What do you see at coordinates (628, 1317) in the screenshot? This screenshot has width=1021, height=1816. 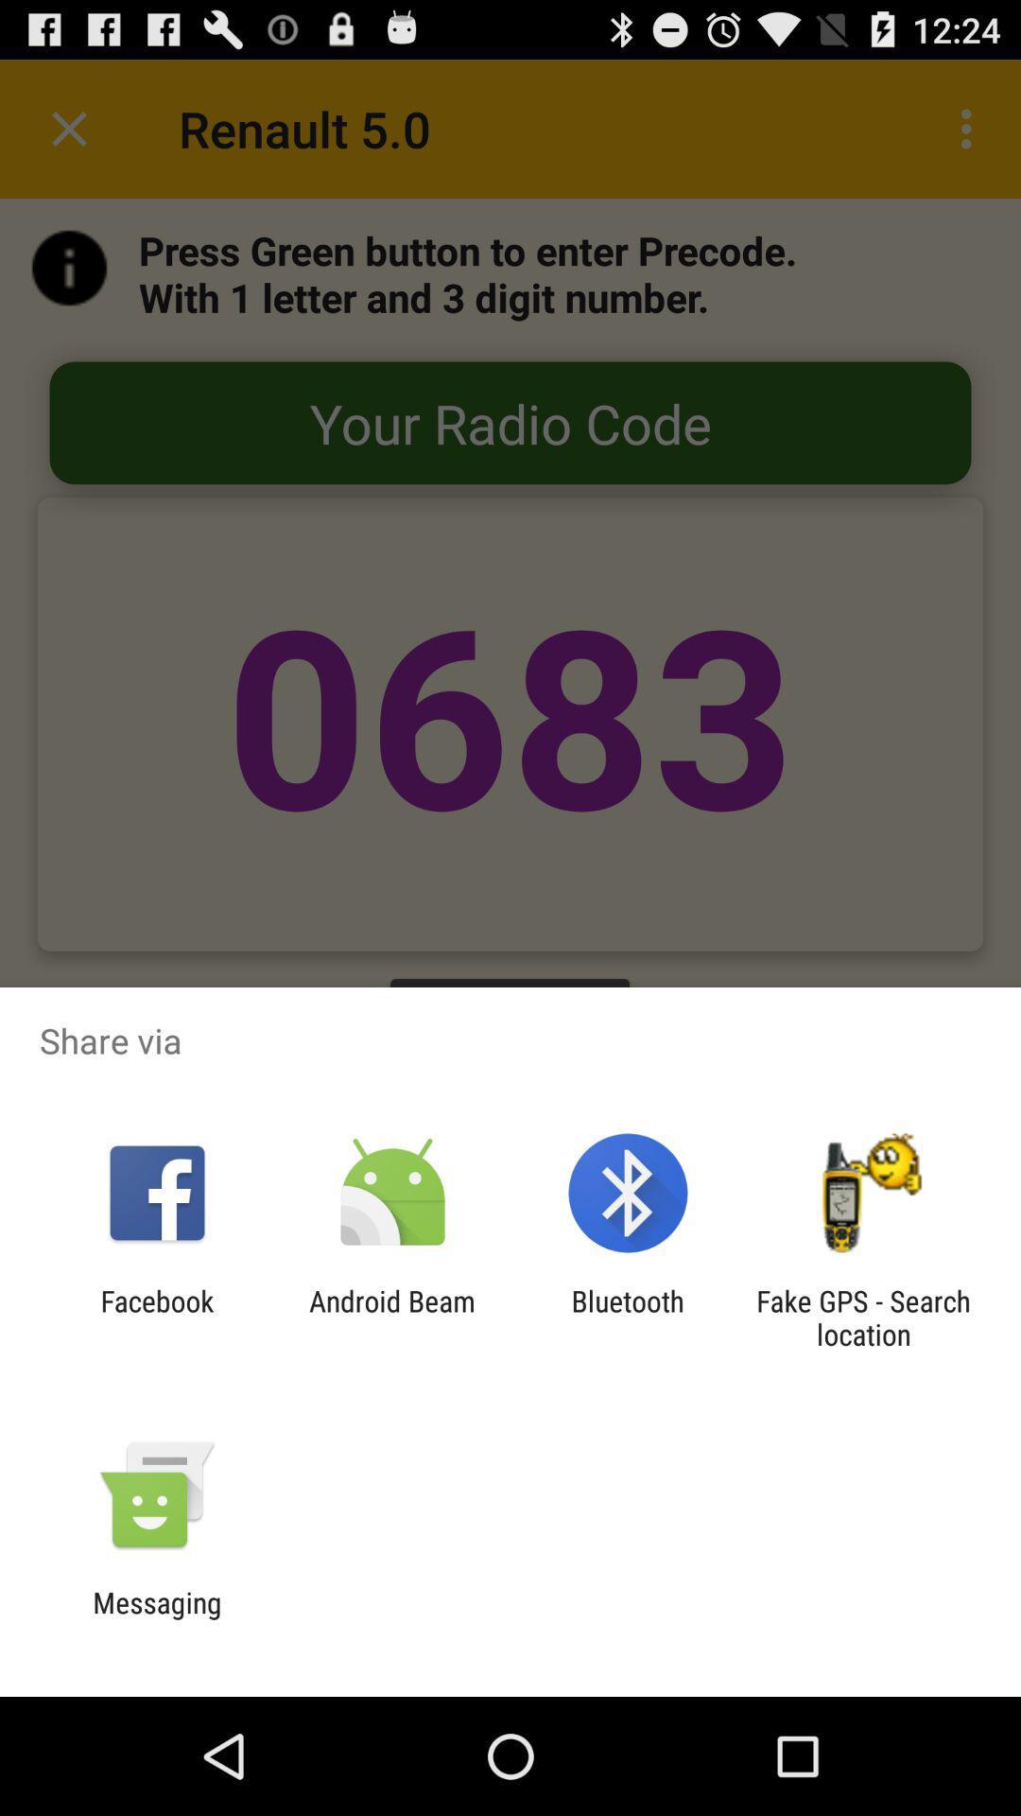 I see `the icon to the right of the android beam icon` at bounding box center [628, 1317].